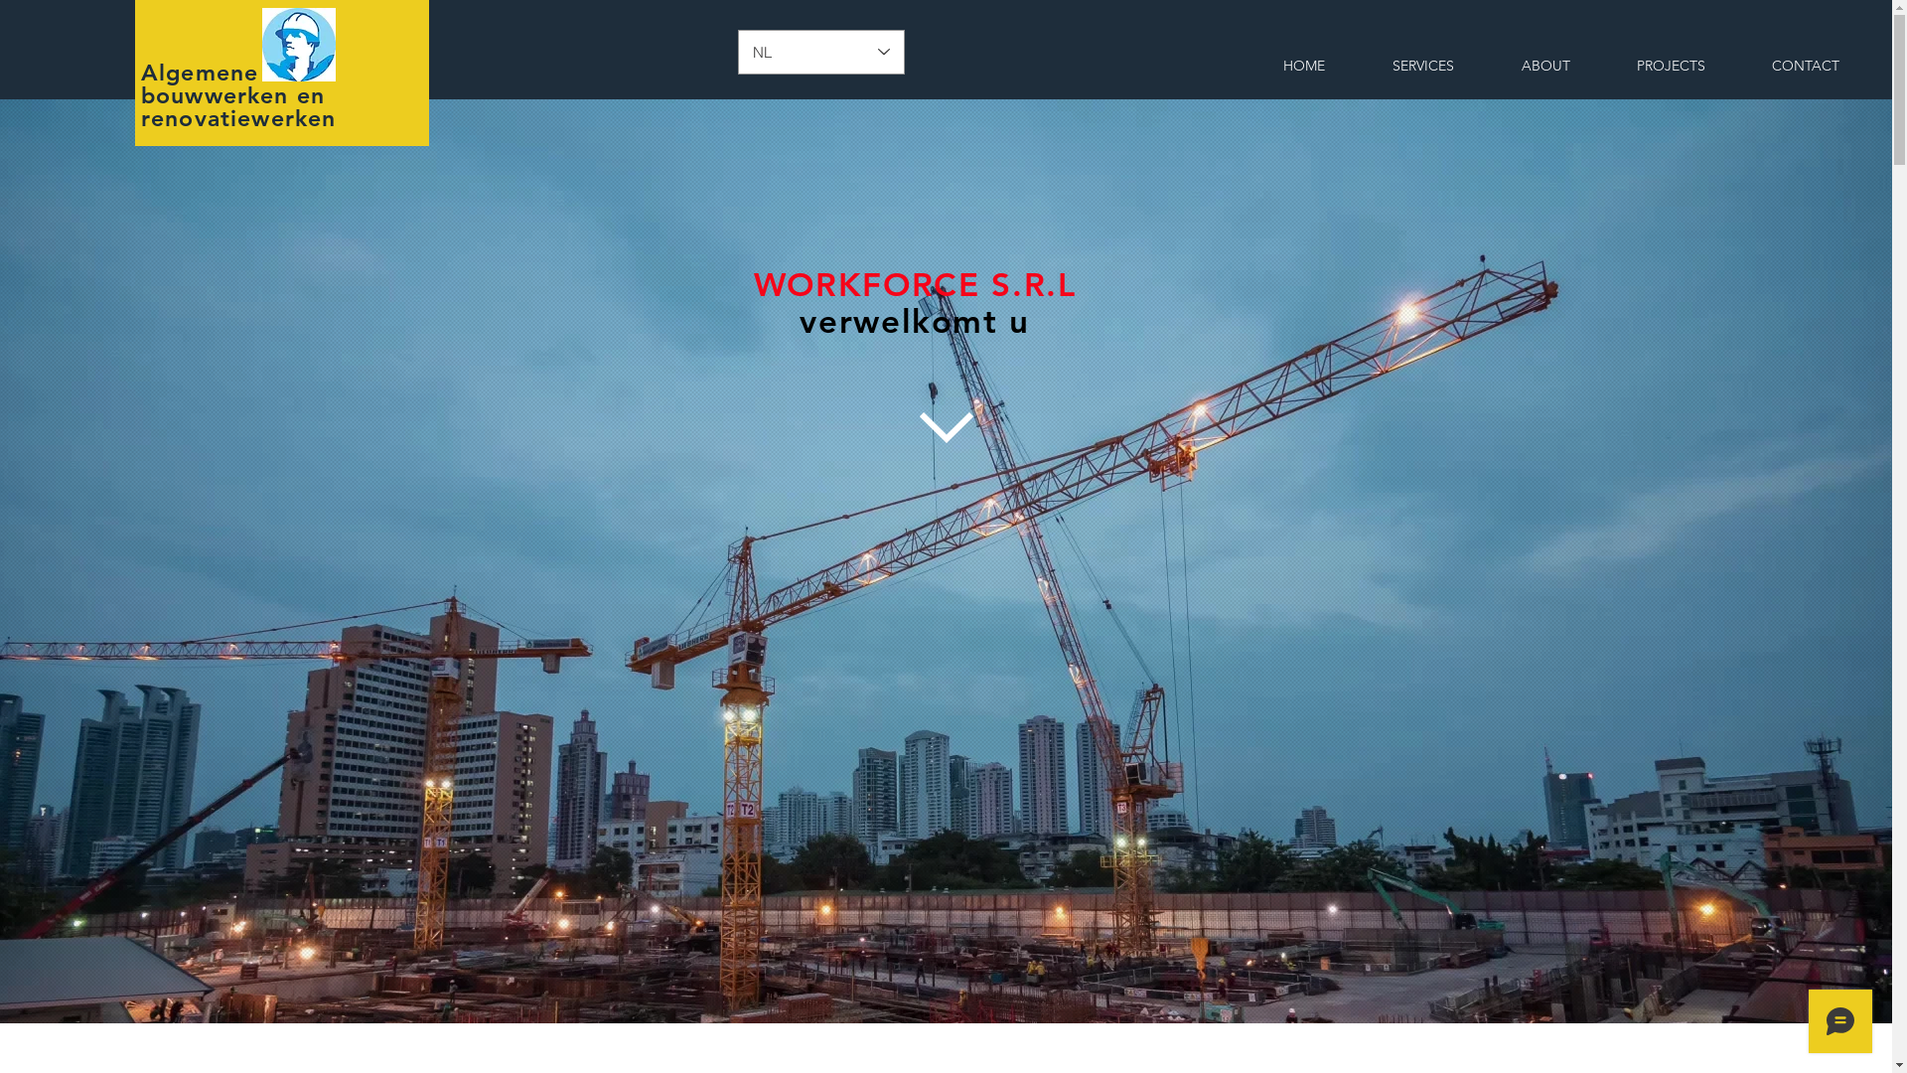 The height and width of the screenshot is (1073, 1907). What do you see at coordinates (238, 95) in the screenshot?
I see `'Algemene bouwwerken en renovatiewerken'` at bounding box center [238, 95].